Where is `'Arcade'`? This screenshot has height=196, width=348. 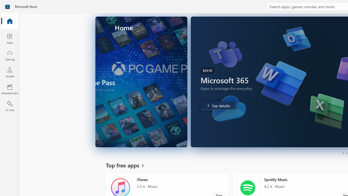 'Arcade' is located at coordinates (10, 72).